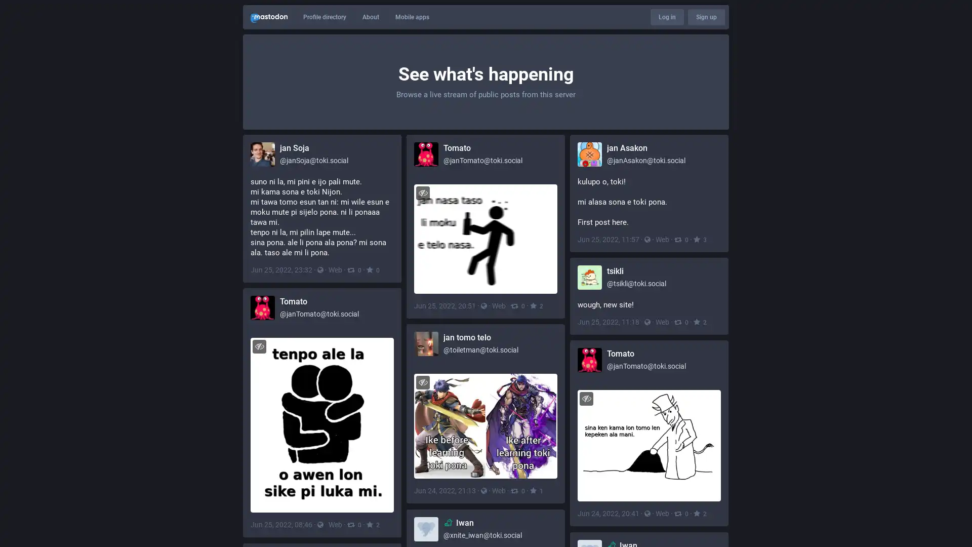  What do you see at coordinates (423, 382) in the screenshot?
I see `Hide image` at bounding box center [423, 382].